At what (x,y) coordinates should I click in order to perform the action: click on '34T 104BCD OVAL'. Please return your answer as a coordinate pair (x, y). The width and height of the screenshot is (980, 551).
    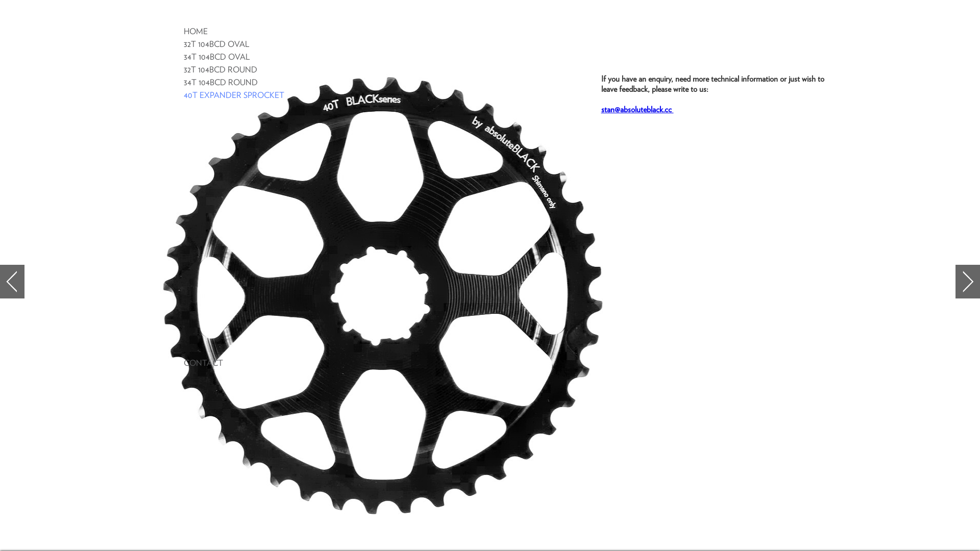
    Looking at the image, I should click on (216, 57).